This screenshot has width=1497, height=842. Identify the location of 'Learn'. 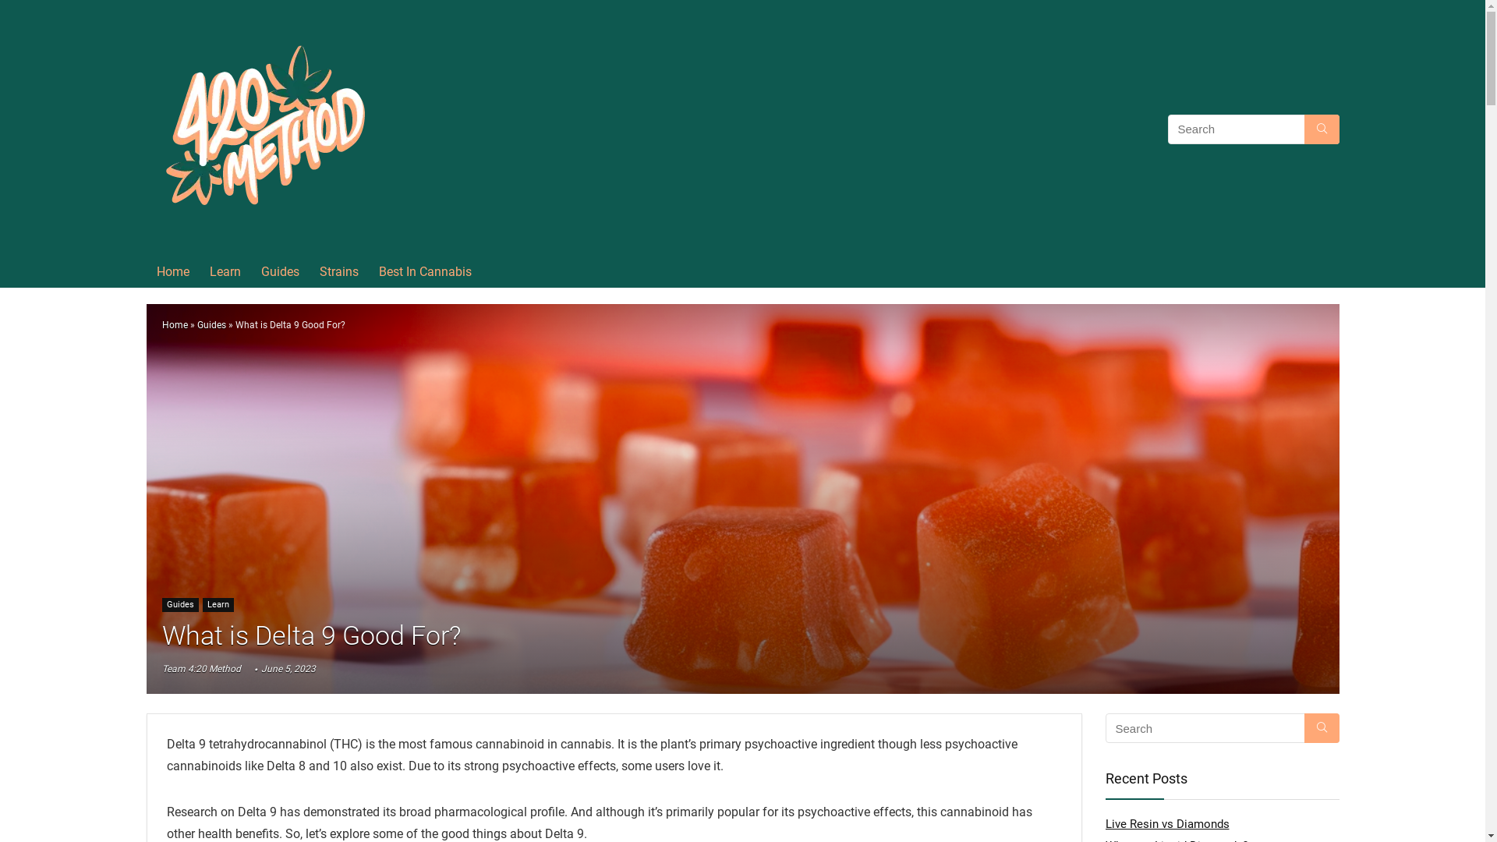
(198, 272).